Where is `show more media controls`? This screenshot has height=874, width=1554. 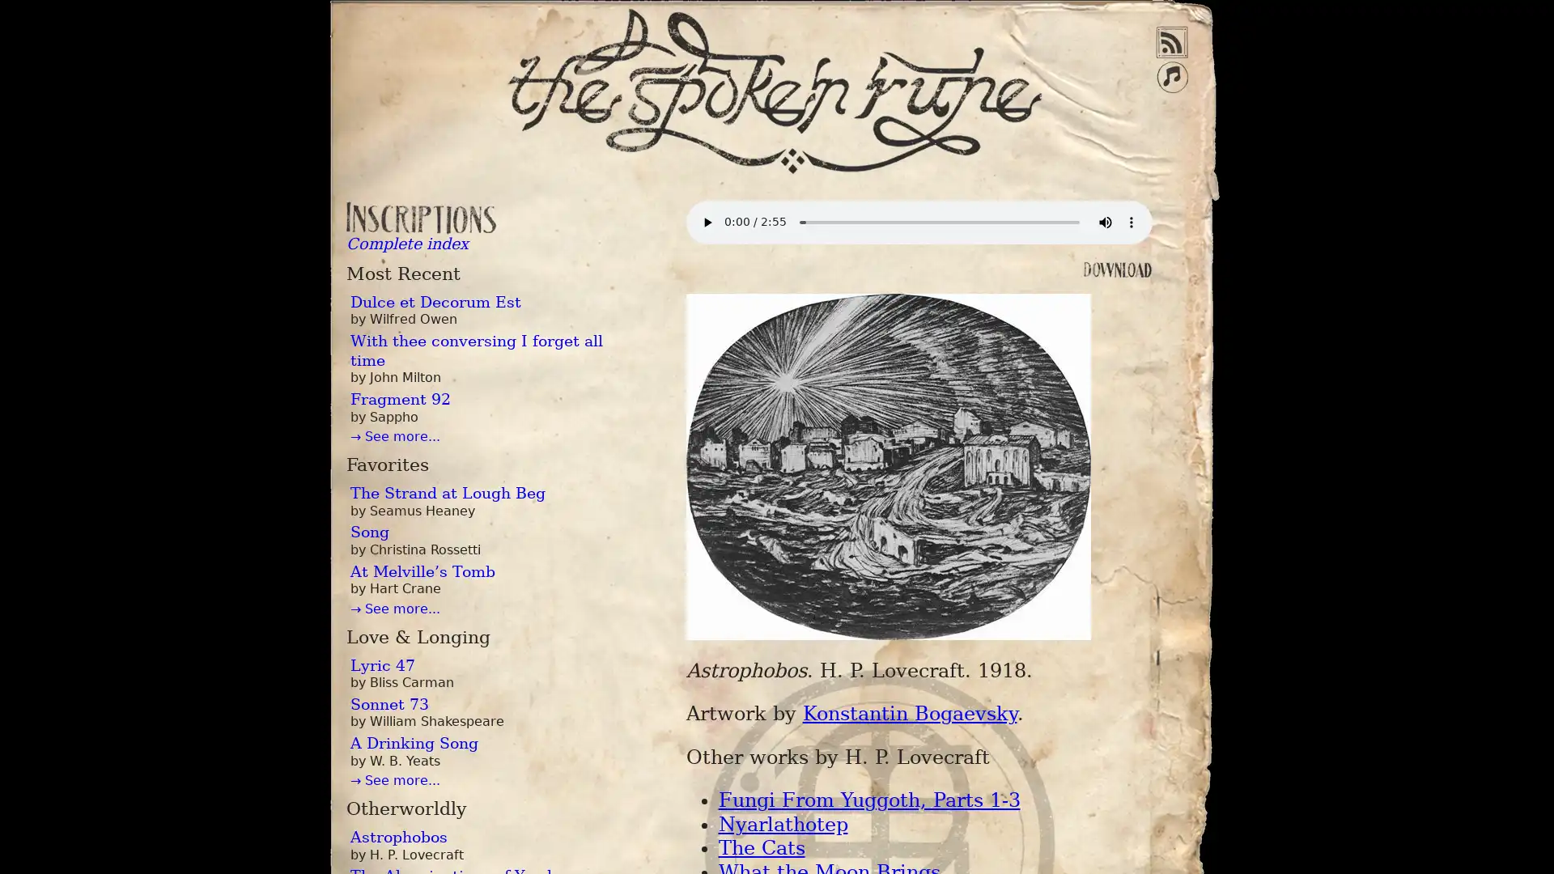 show more media controls is located at coordinates (1129, 222).